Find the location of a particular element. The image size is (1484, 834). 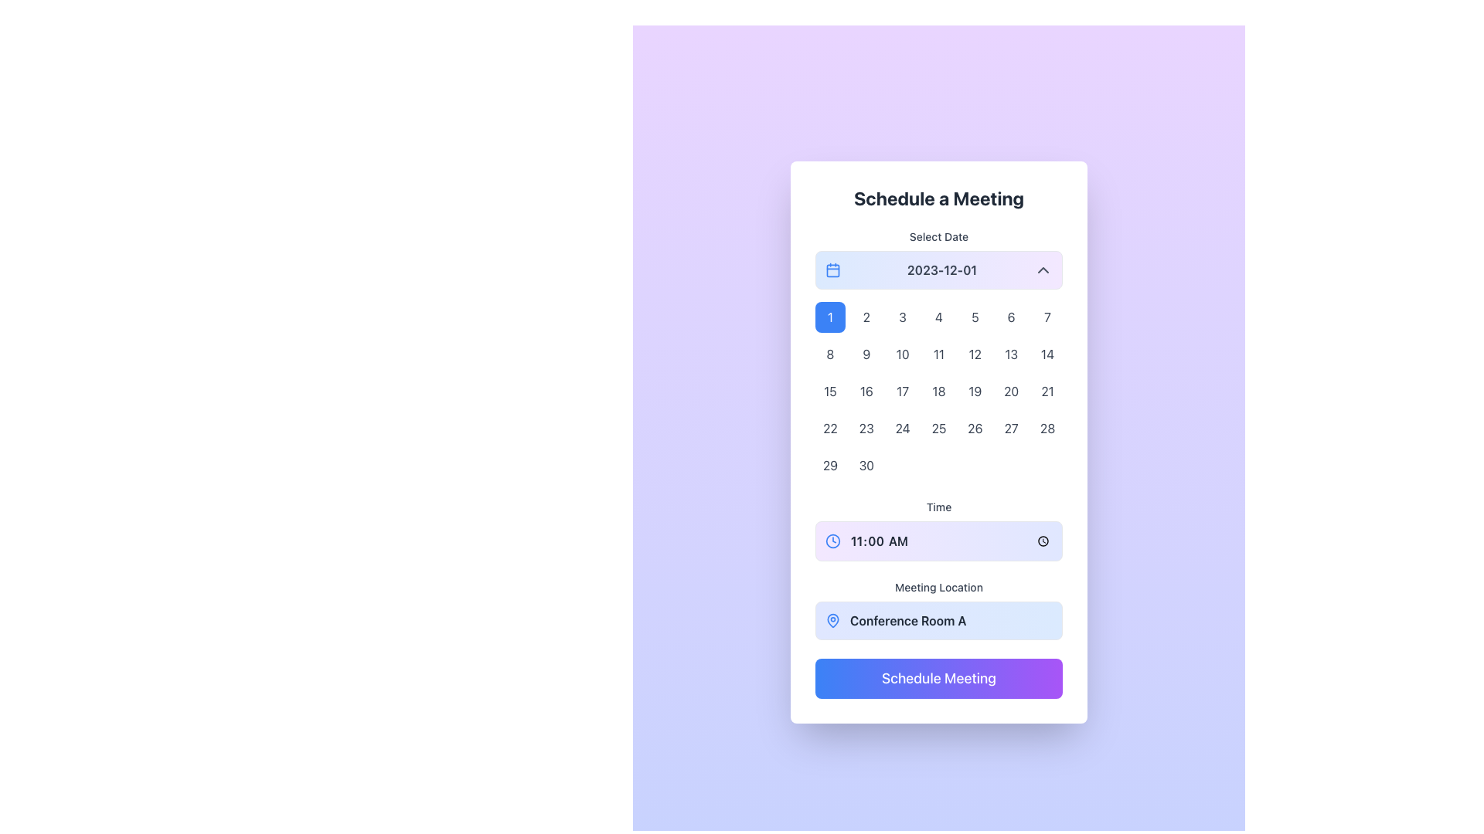

the calendar icon located to the left of the displayed date '2023-12-01' at the top section of the interface is located at coordinates (832, 270).